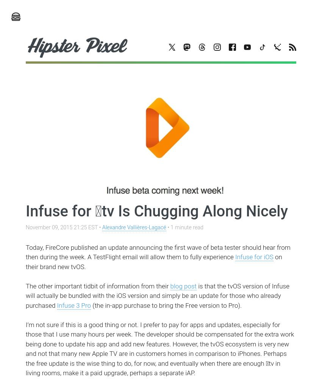 The image size is (322, 379). What do you see at coordinates (184, 227) in the screenshot?
I see `'• 1 minute read'` at bounding box center [184, 227].